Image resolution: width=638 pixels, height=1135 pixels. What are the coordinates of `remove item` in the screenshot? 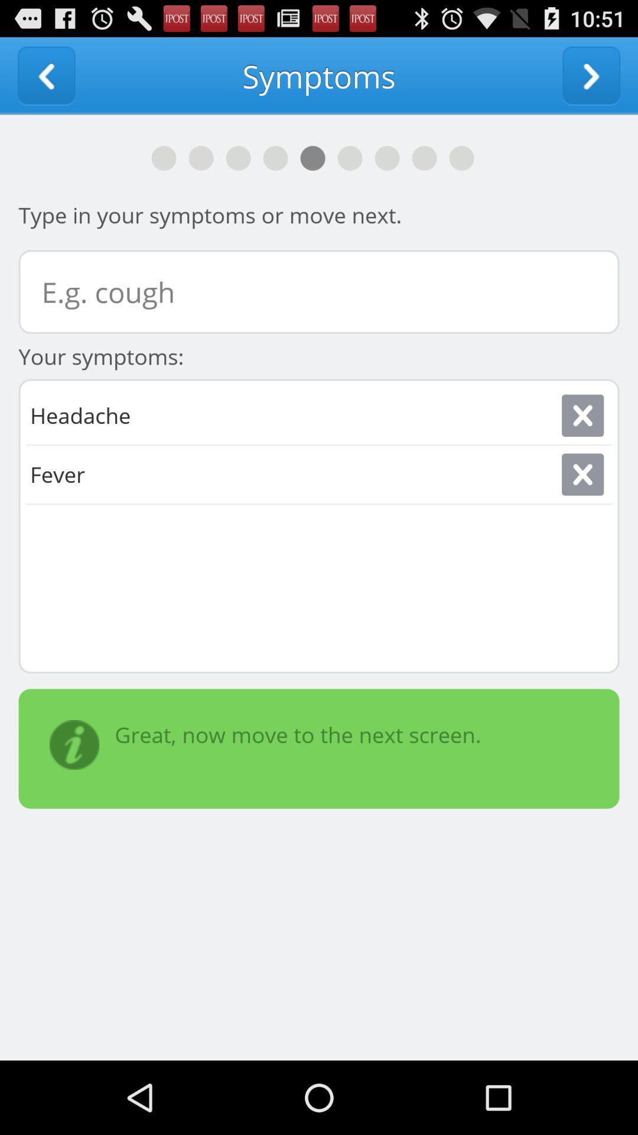 It's located at (582, 474).